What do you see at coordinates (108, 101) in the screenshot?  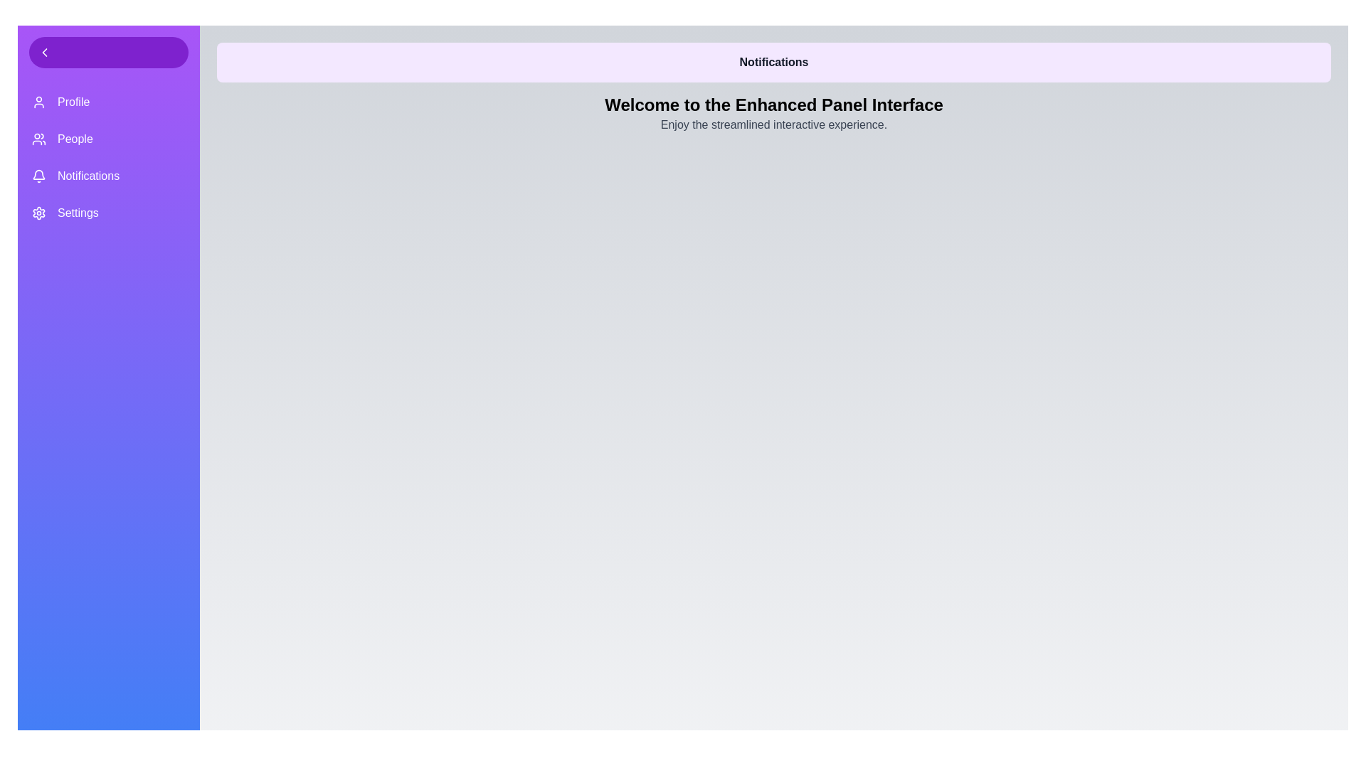 I see `the menu item Profile from the menu` at bounding box center [108, 101].